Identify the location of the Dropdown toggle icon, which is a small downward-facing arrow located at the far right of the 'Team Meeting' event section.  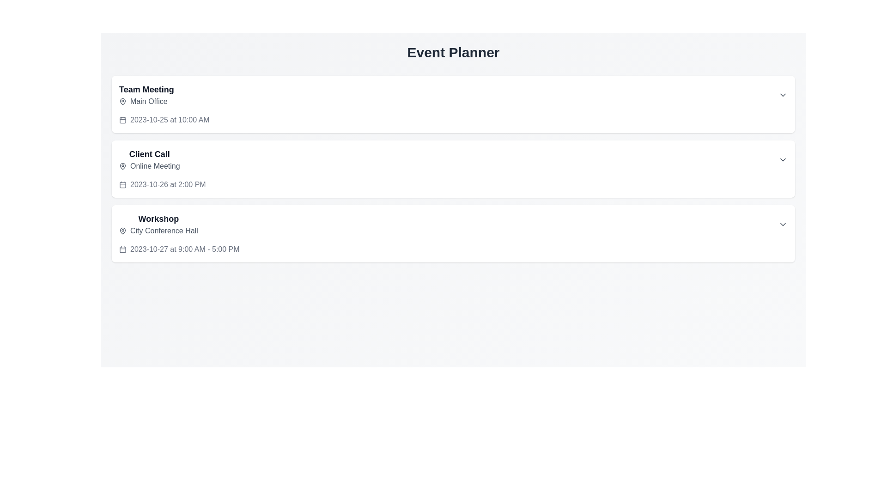
(782, 95).